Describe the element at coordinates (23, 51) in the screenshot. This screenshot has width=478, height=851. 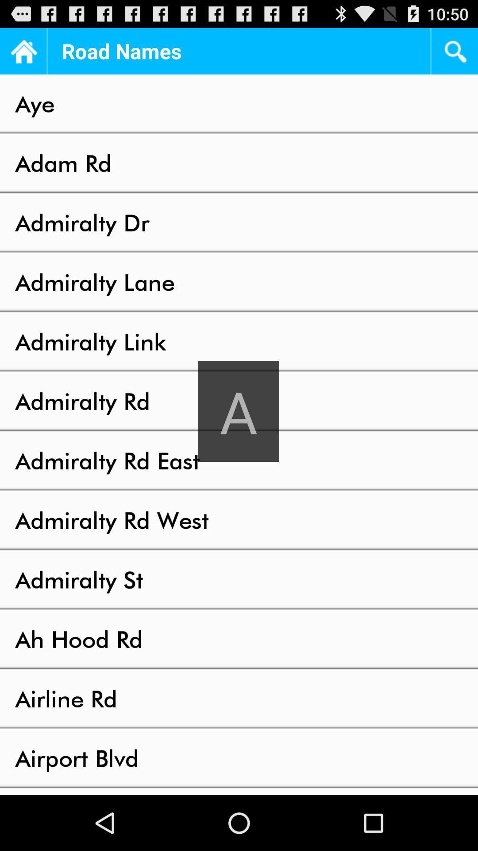
I see `home` at that location.